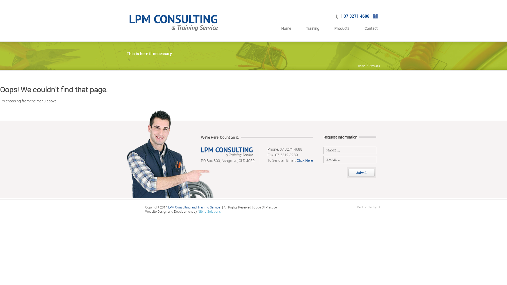 Image resolution: width=507 pixels, height=285 pixels. What do you see at coordinates (371, 30) in the screenshot?
I see `'Contact'` at bounding box center [371, 30].